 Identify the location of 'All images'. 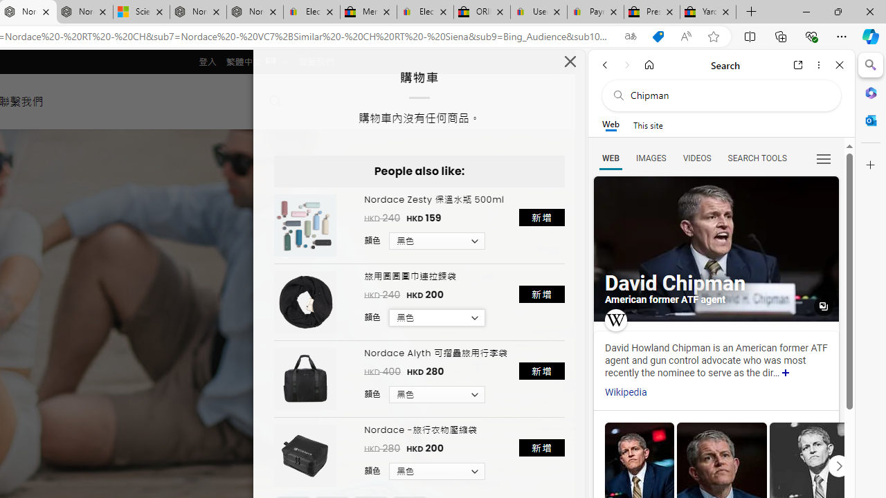
(716, 249).